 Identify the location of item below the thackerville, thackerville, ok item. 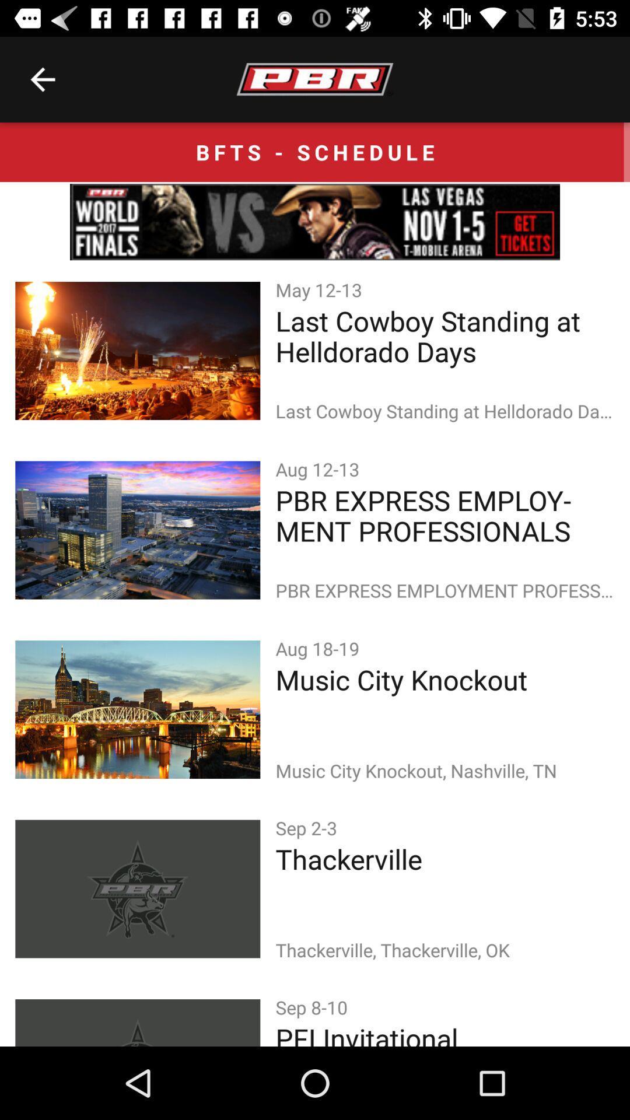
(313, 1006).